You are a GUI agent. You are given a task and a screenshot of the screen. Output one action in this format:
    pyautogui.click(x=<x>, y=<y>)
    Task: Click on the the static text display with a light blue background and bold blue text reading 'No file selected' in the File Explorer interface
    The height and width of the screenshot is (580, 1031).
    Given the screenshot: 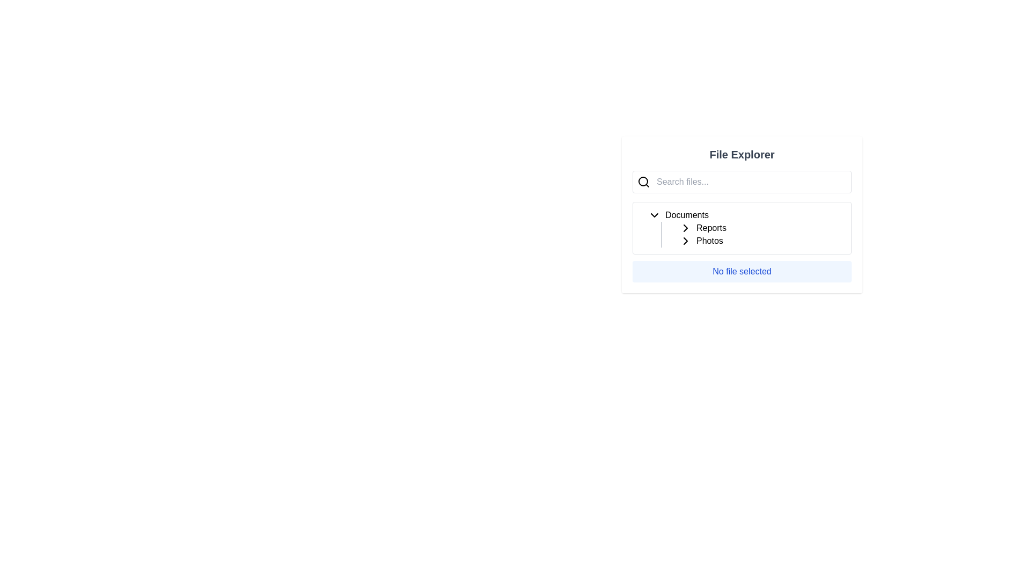 What is the action you would take?
    pyautogui.click(x=742, y=271)
    